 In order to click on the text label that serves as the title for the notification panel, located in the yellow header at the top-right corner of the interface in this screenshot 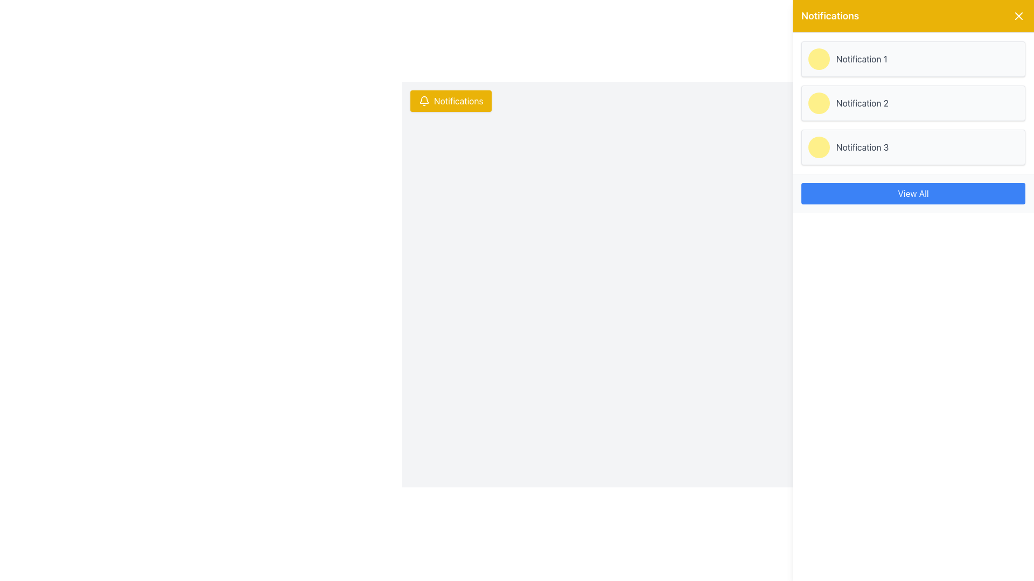, I will do `click(829, 16)`.